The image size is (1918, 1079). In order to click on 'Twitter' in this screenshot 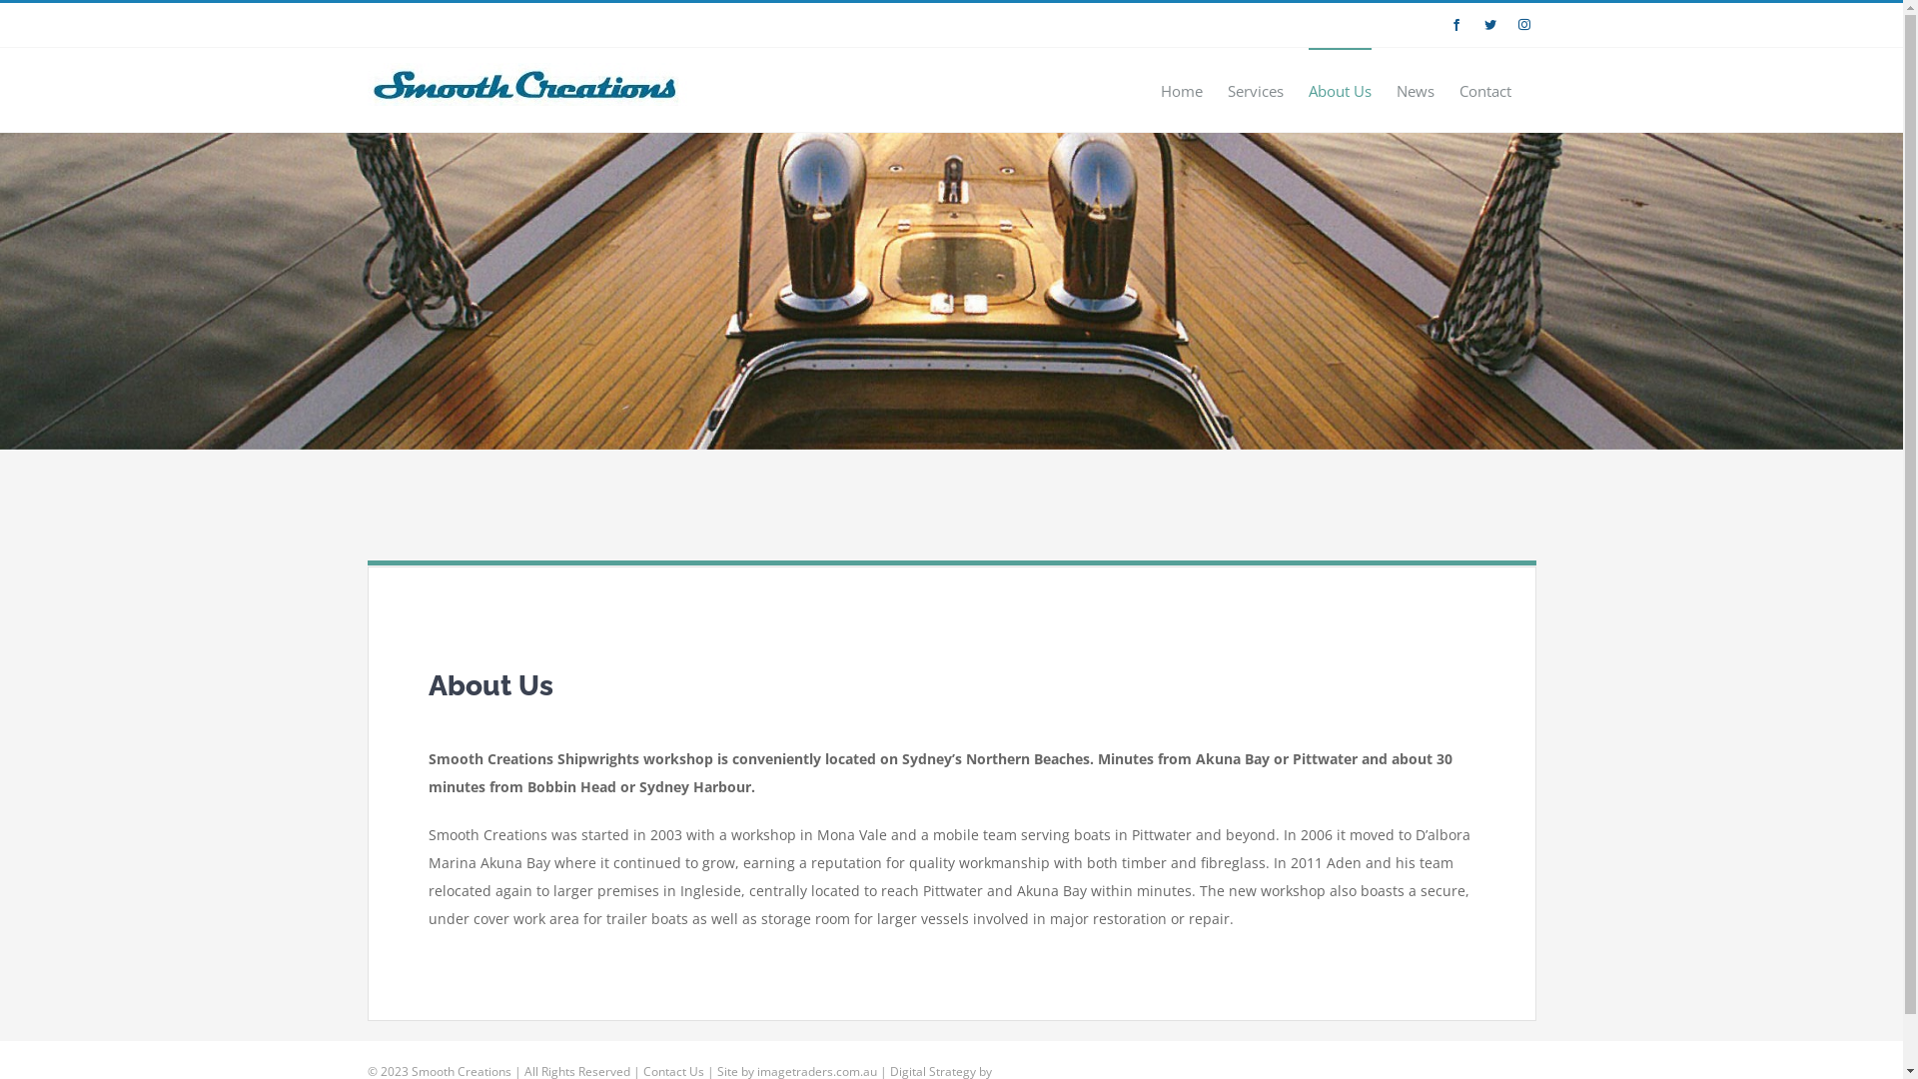, I will do `click(1490, 24)`.